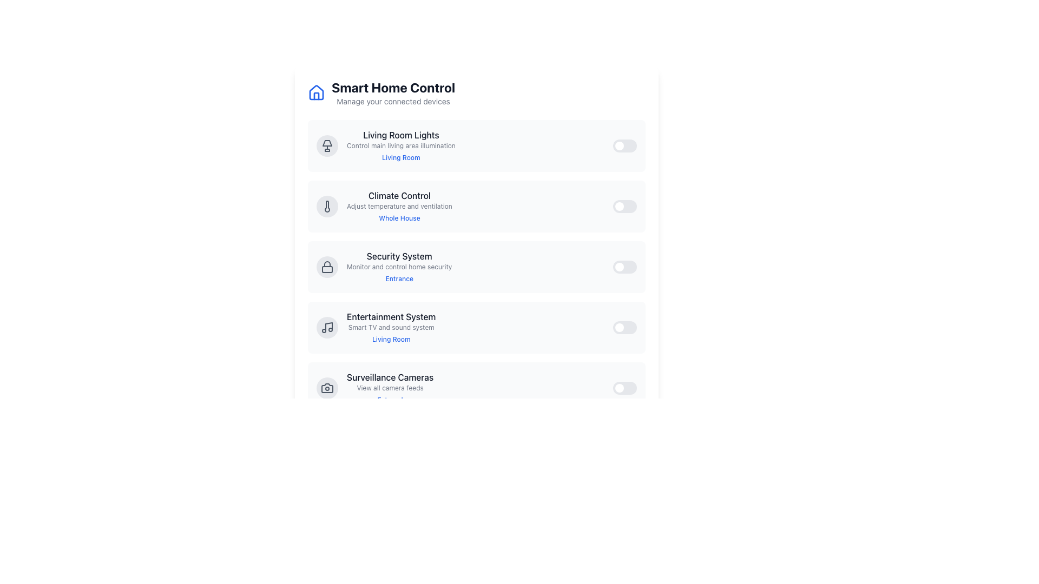 This screenshot has height=584, width=1039. What do you see at coordinates (326, 387) in the screenshot?
I see `the dark camera icon located in the 'Surveillance Cameras' section, positioned on the left side of the section, to interact with it` at bounding box center [326, 387].